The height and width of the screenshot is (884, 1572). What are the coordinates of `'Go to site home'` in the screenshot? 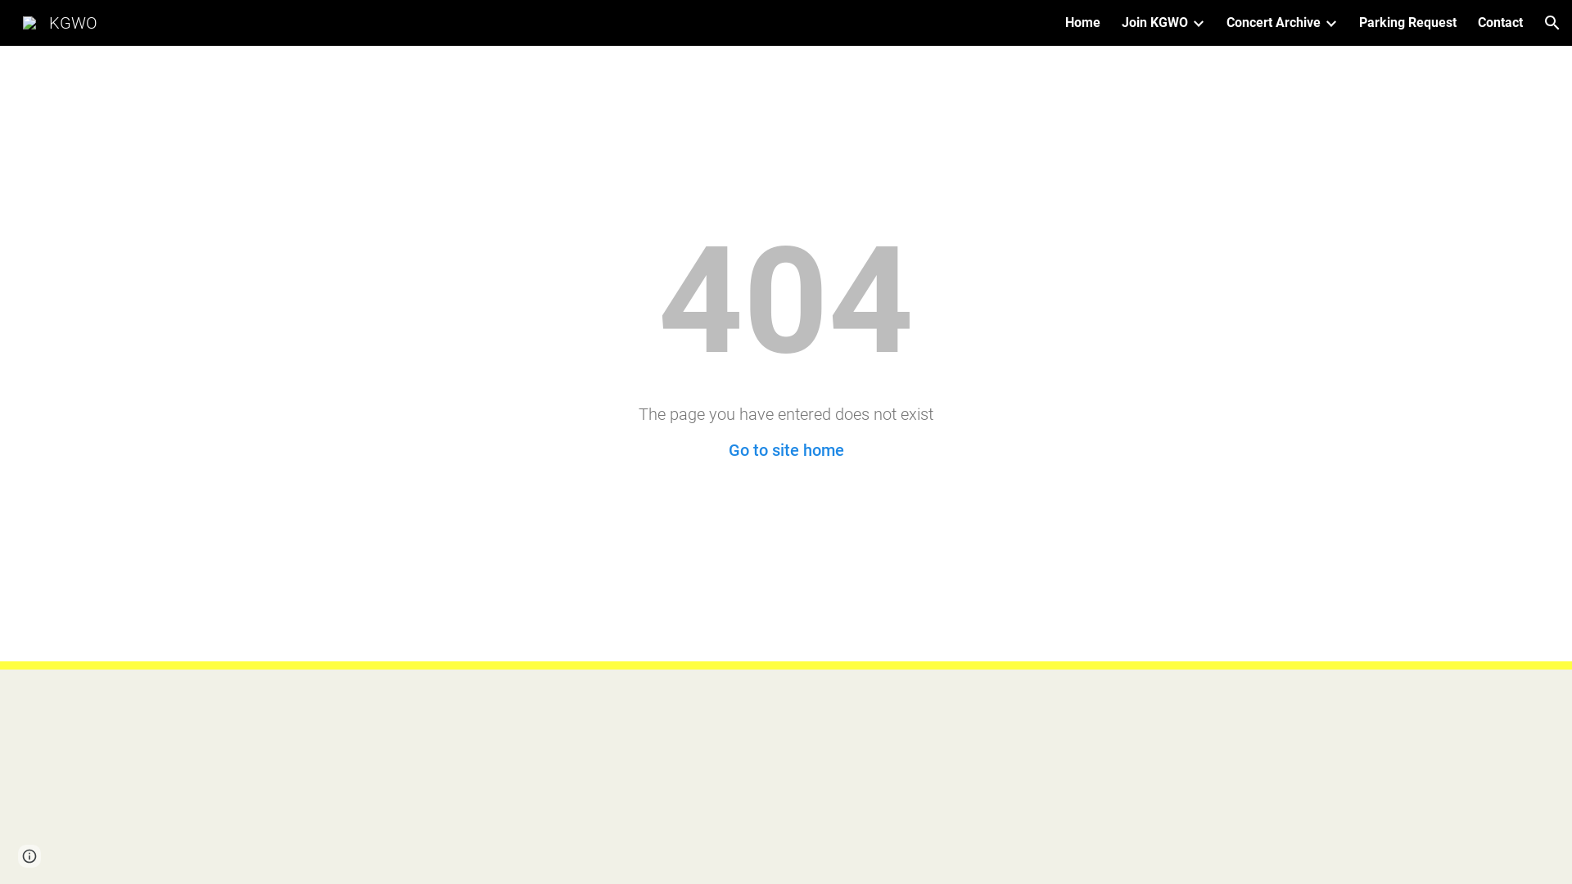 It's located at (786, 450).